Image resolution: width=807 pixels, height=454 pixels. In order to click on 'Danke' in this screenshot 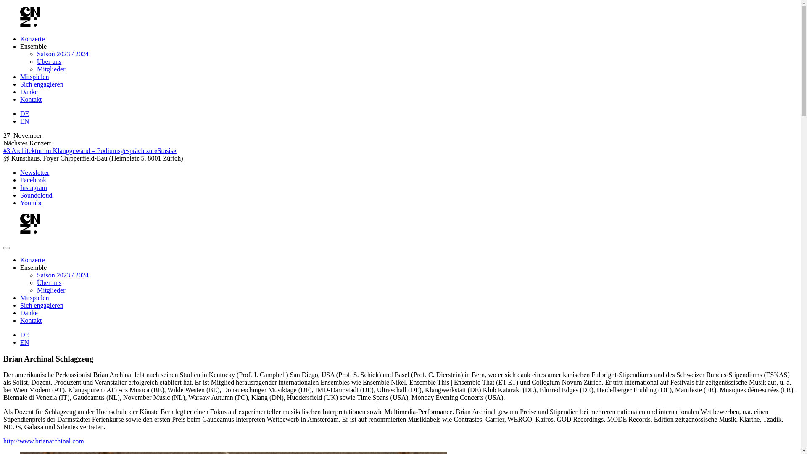, I will do `click(29, 313)`.